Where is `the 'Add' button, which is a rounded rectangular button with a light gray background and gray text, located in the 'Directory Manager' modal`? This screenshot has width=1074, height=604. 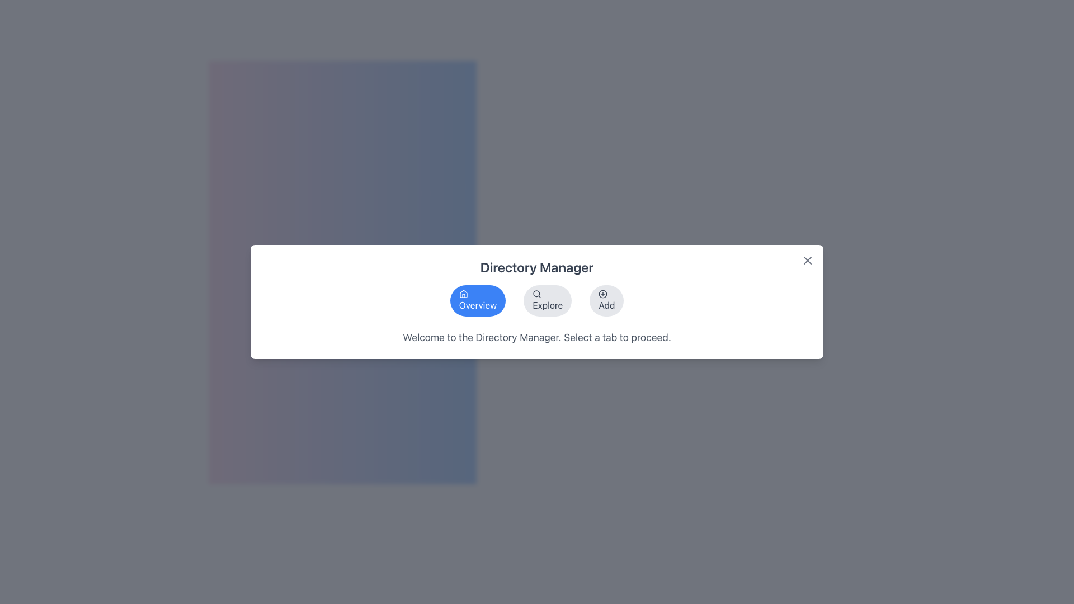
the 'Add' button, which is a rounded rectangular button with a light gray background and gray text, located in the 'Directory Manager' modal is located at coordinates (606, 300).